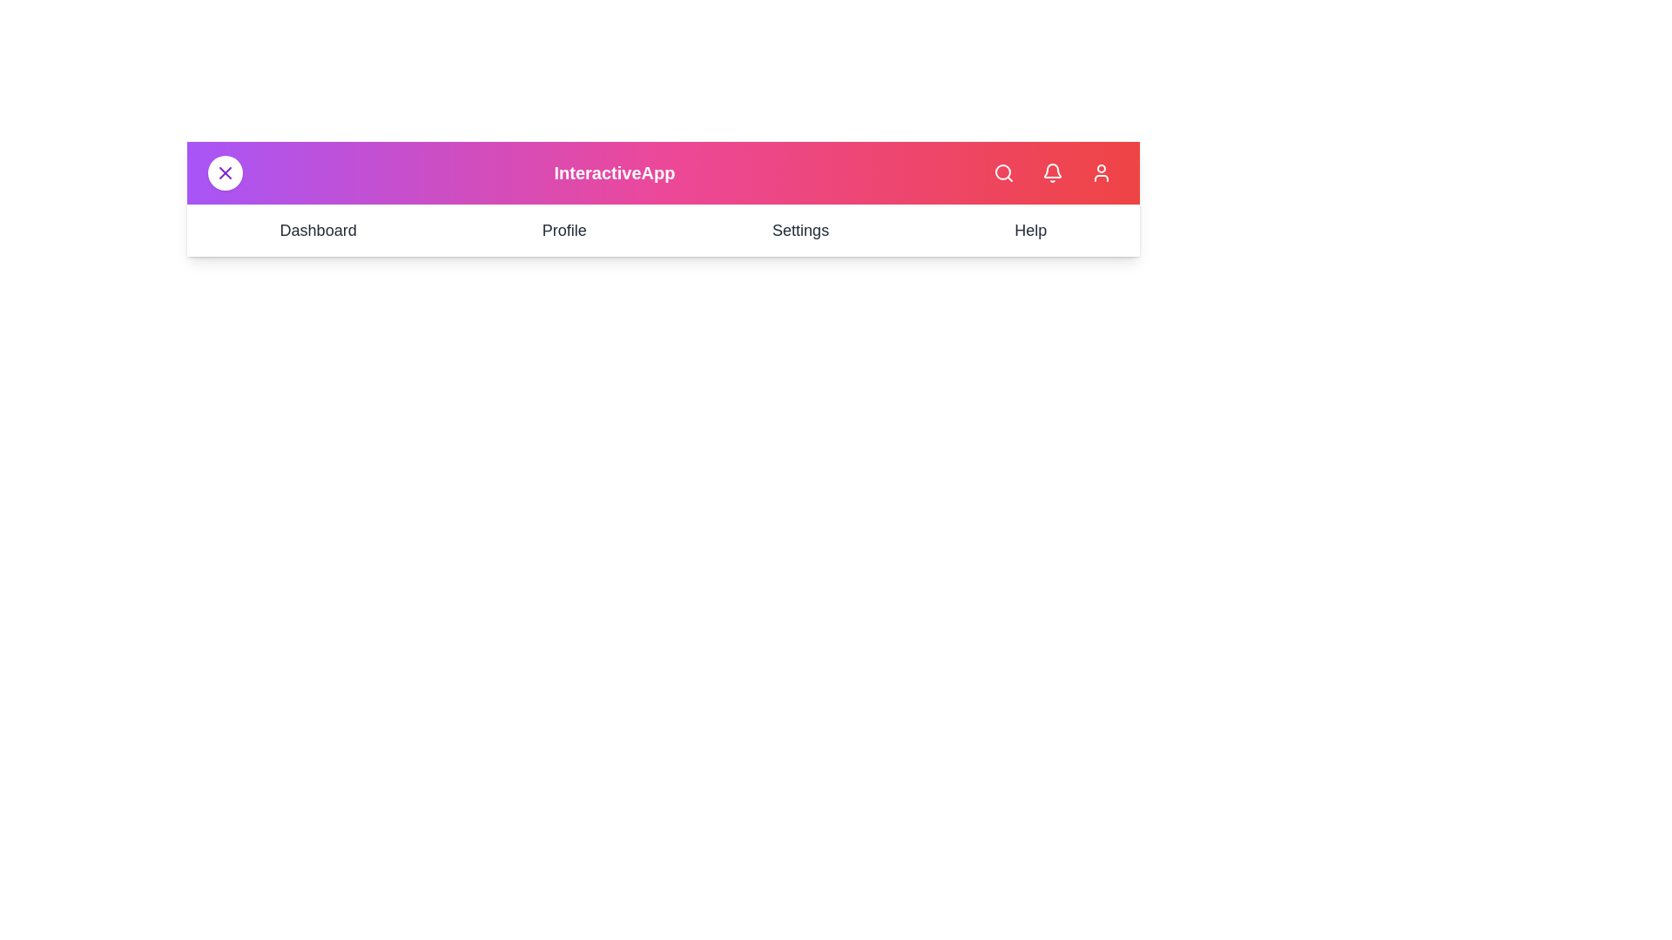 Image resolution: width=1672 pixels, height=940 pixels. I want to click on the bell icon to view notifications, so click(1052, 173).